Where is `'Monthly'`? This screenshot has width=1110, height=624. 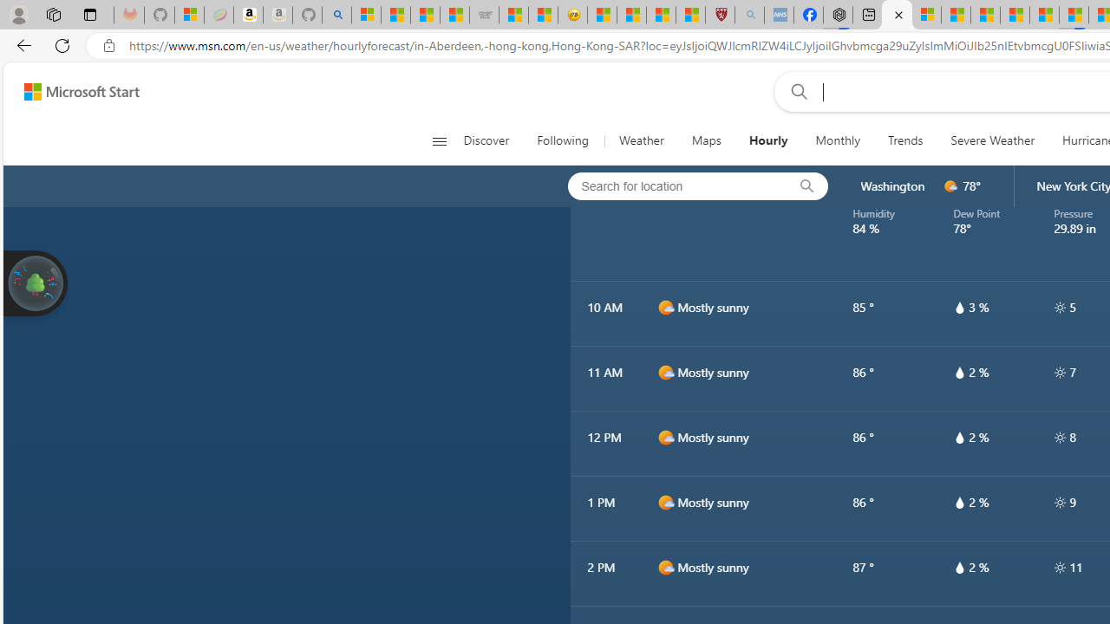
'Monthly' is located at coordinates (838, 140).